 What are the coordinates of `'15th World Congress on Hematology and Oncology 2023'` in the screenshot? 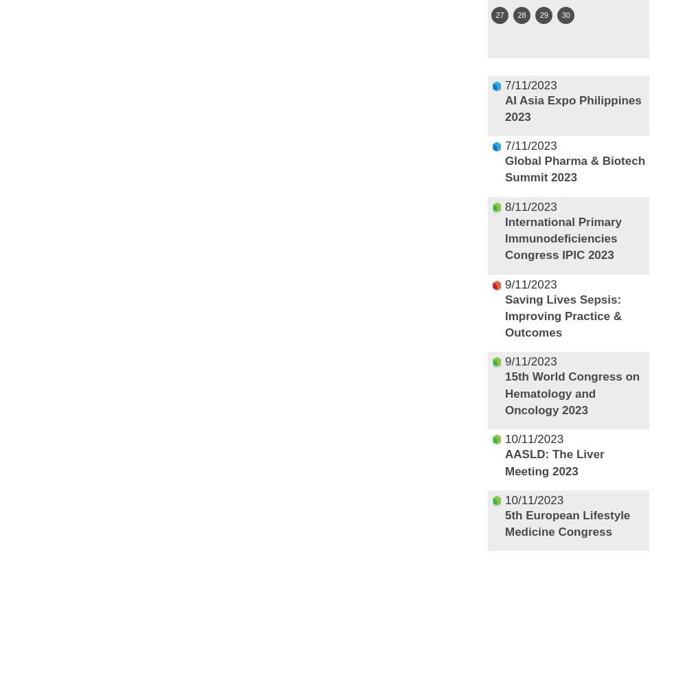 It's located at (504, 392).